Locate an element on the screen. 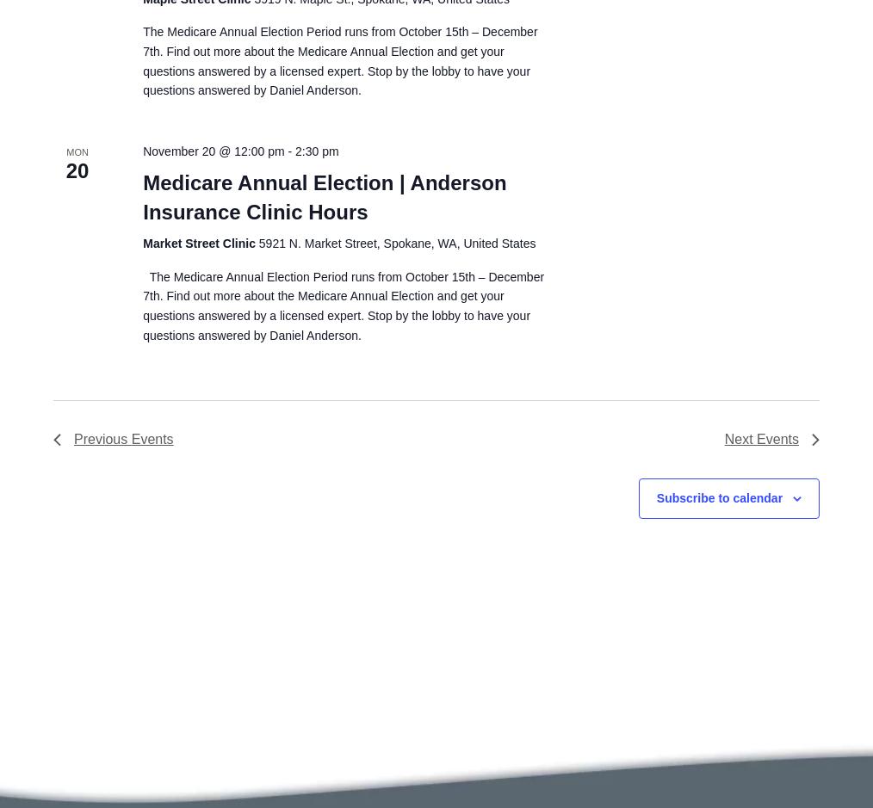  'The Medicare Annual Election Period runs from October 15th – December 7th. Find out more about the Medicare Annual Election and get your questions answered by a licensed expert. Stop by the lobby to have your questions answered by Daniel Anderson.' is located at coordinates (343, 305).